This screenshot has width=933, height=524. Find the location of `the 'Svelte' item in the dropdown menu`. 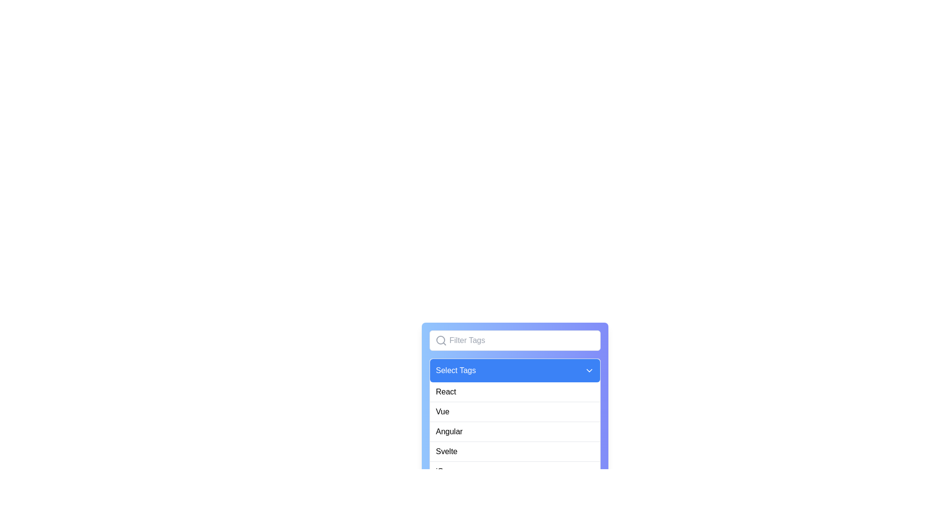

the 'Svelte' item in the dropdown menu is located at coordinates (515, 442).